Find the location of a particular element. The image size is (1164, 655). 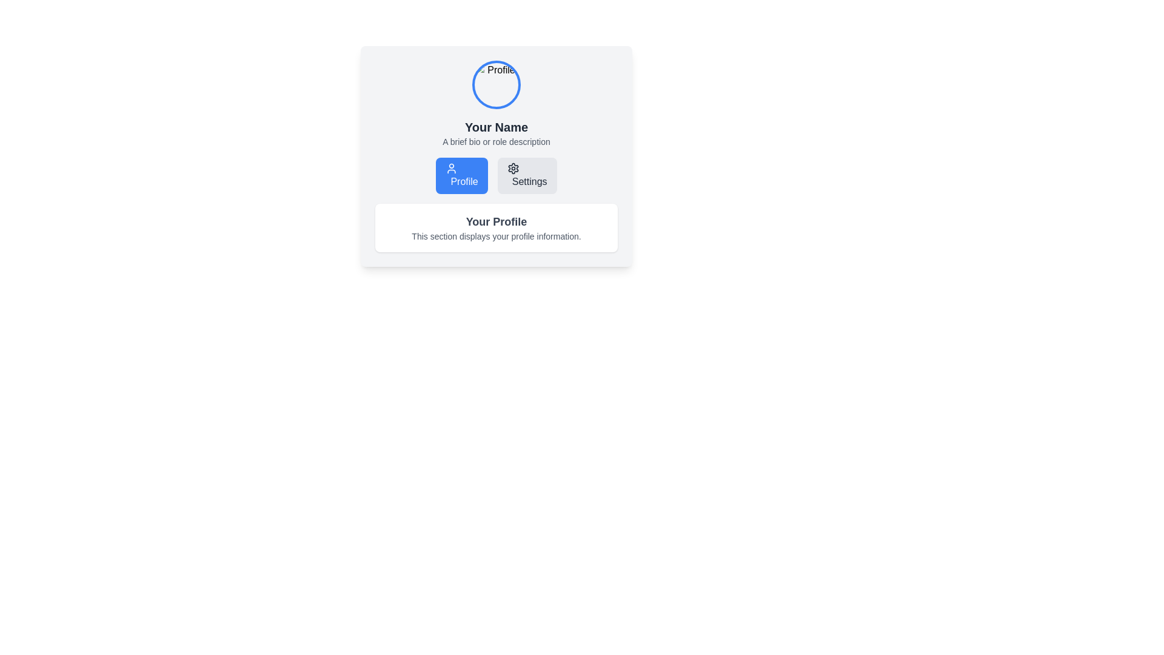

the blue rectangular 'Profile' button with a white user icon is located at coordinates (461, 175).